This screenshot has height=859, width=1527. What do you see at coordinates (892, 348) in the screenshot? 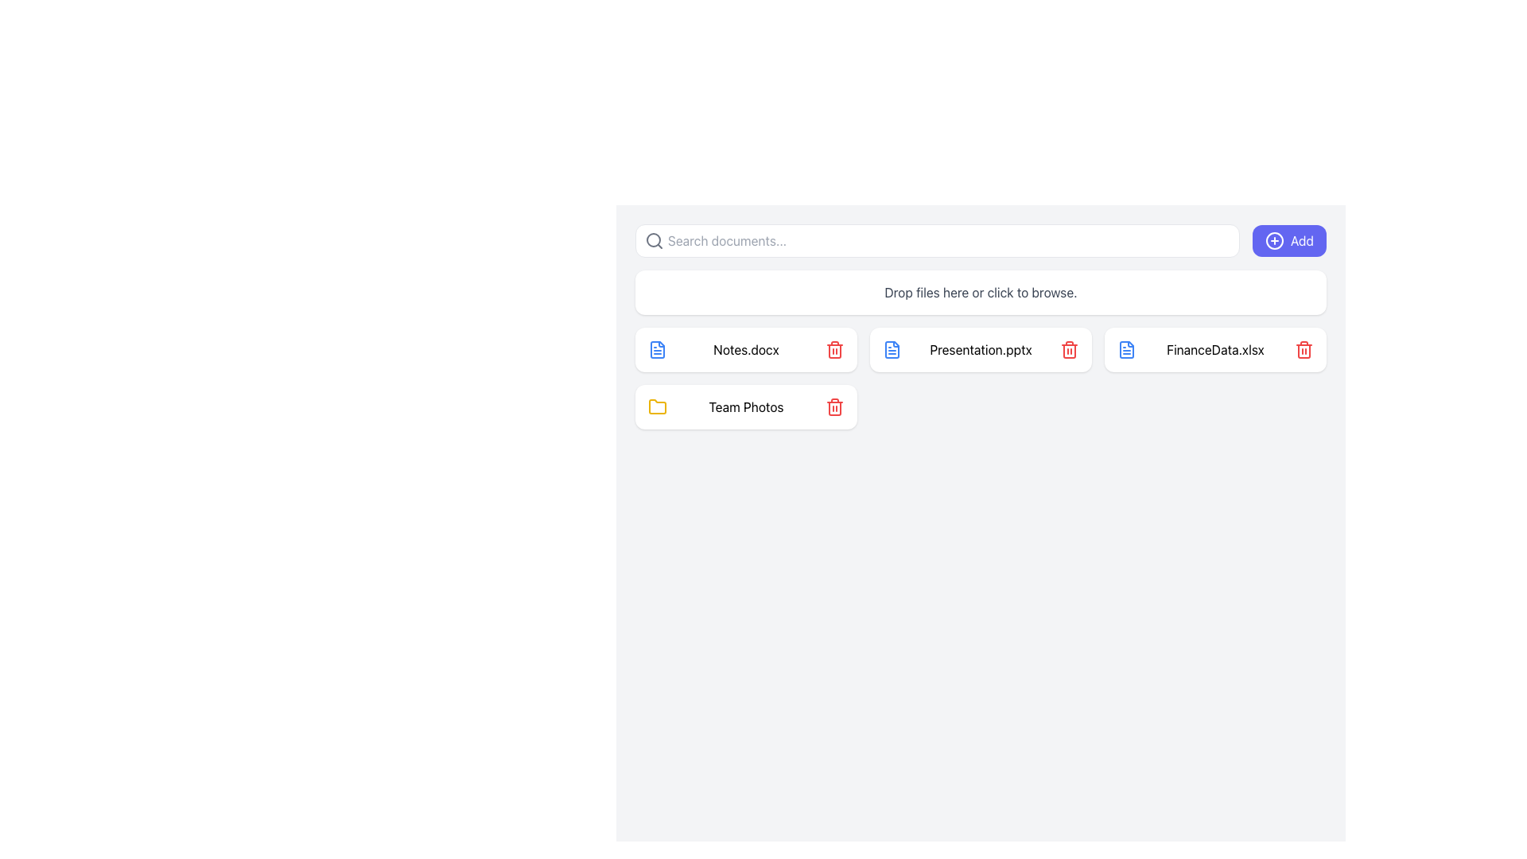
I see `the blue-colored file-like icon styled as an outlined document located to the left of the 'Presentation.pptx' text` at bounding box center [892, 348].